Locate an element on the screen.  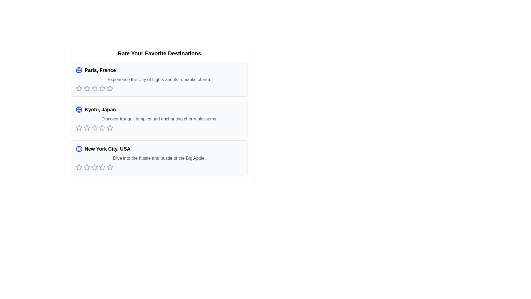
the fourth star-shaped interactive rating icon for 'Kyoto, Japan' is located at coordinates (110, 128).